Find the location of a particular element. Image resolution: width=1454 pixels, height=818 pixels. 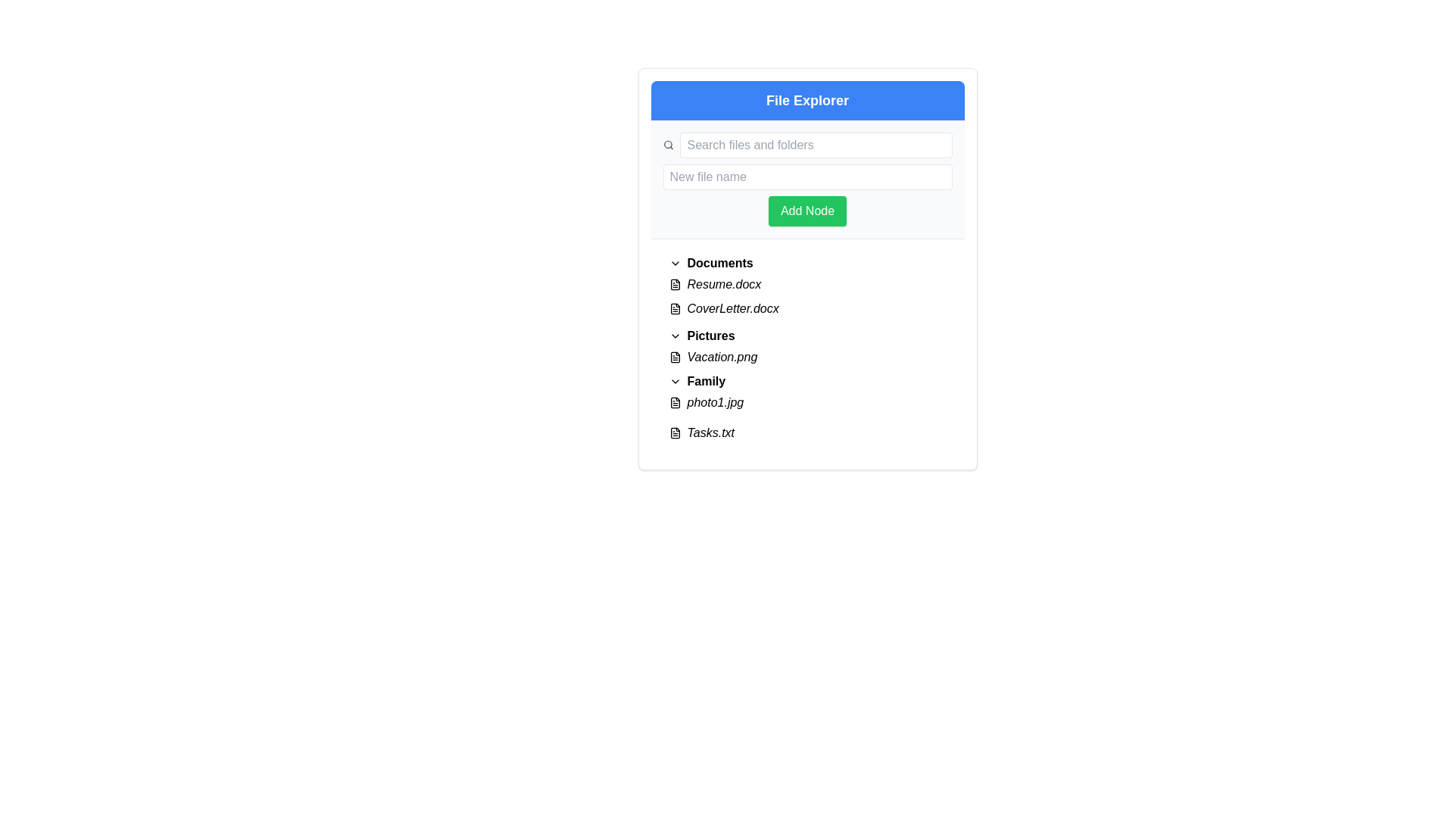

the file entry labeled 'Tasks.txt' in the file explorer is located at coordinates (807, 432).